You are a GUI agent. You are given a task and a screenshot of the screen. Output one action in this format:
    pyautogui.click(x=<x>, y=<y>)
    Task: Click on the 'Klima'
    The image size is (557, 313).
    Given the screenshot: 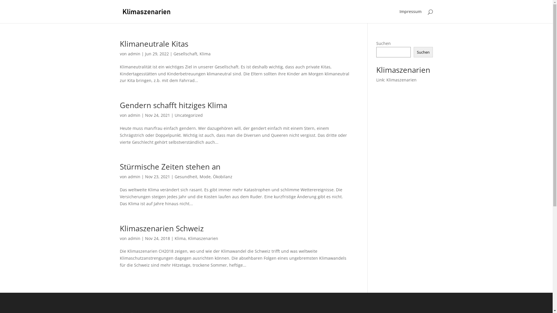 What is the action you would take?
    pyautogui.click(x=205, y=54)
    